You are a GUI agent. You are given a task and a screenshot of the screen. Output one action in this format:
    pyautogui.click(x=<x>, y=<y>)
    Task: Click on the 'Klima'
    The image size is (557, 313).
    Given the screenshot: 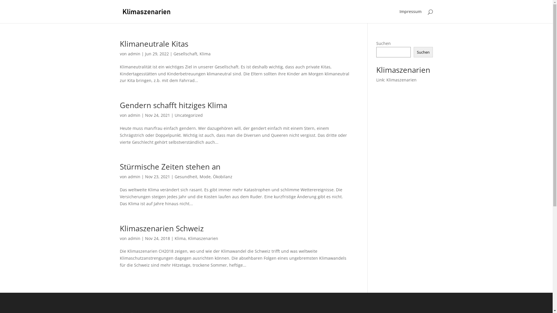 What is the action you would take?
    pyautogui.click(x=205, y=54)
    